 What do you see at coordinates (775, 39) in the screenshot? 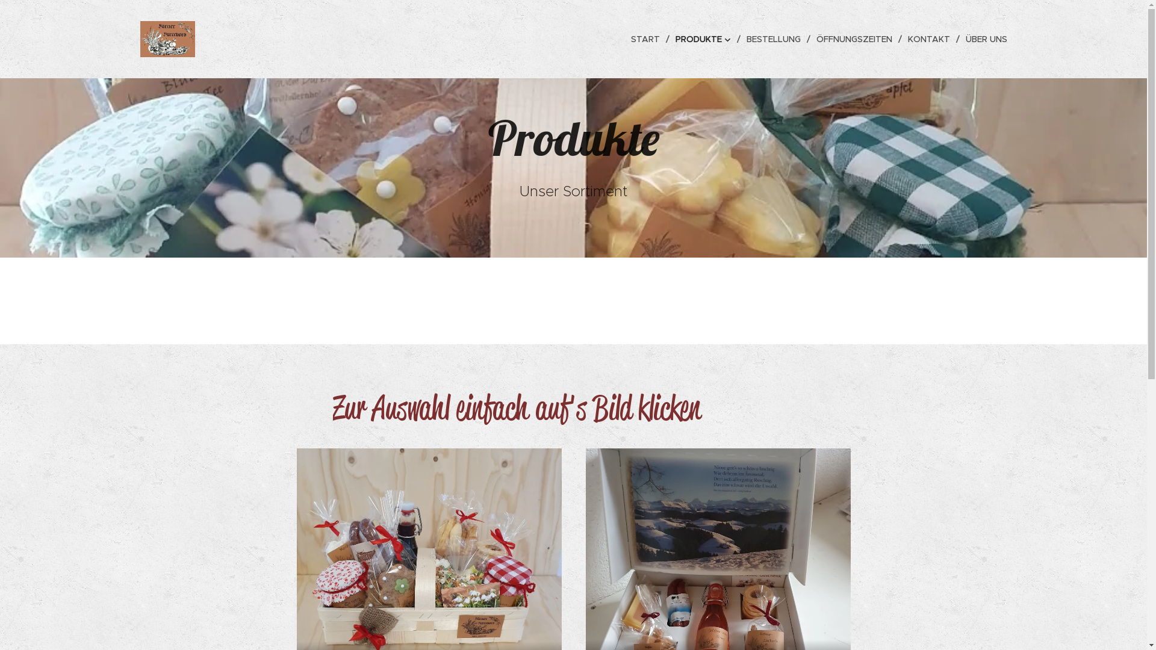
I see `'BESTELLUNG'` at bounding box center [775, 39].